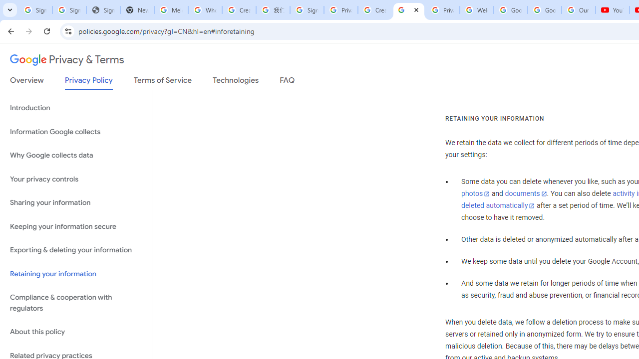  What do you see at coordinates (75, 156) in the screenshot?
I see `'Why Google collects data'` at bounding box center [75, 156].